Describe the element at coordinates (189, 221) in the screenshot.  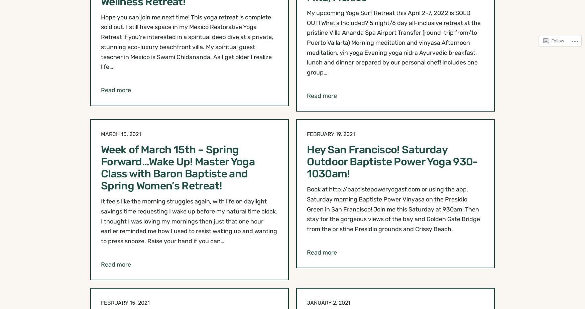
I see `'It feels like the morning struggles again, with life on daylight savings time requesting I wake up before my natural time clock. I thought I was loving my mornings then just that one hour earlier reminded me how I used to resist waking up and wanting to press snooze. Raise your hand if you can…'` at that location.